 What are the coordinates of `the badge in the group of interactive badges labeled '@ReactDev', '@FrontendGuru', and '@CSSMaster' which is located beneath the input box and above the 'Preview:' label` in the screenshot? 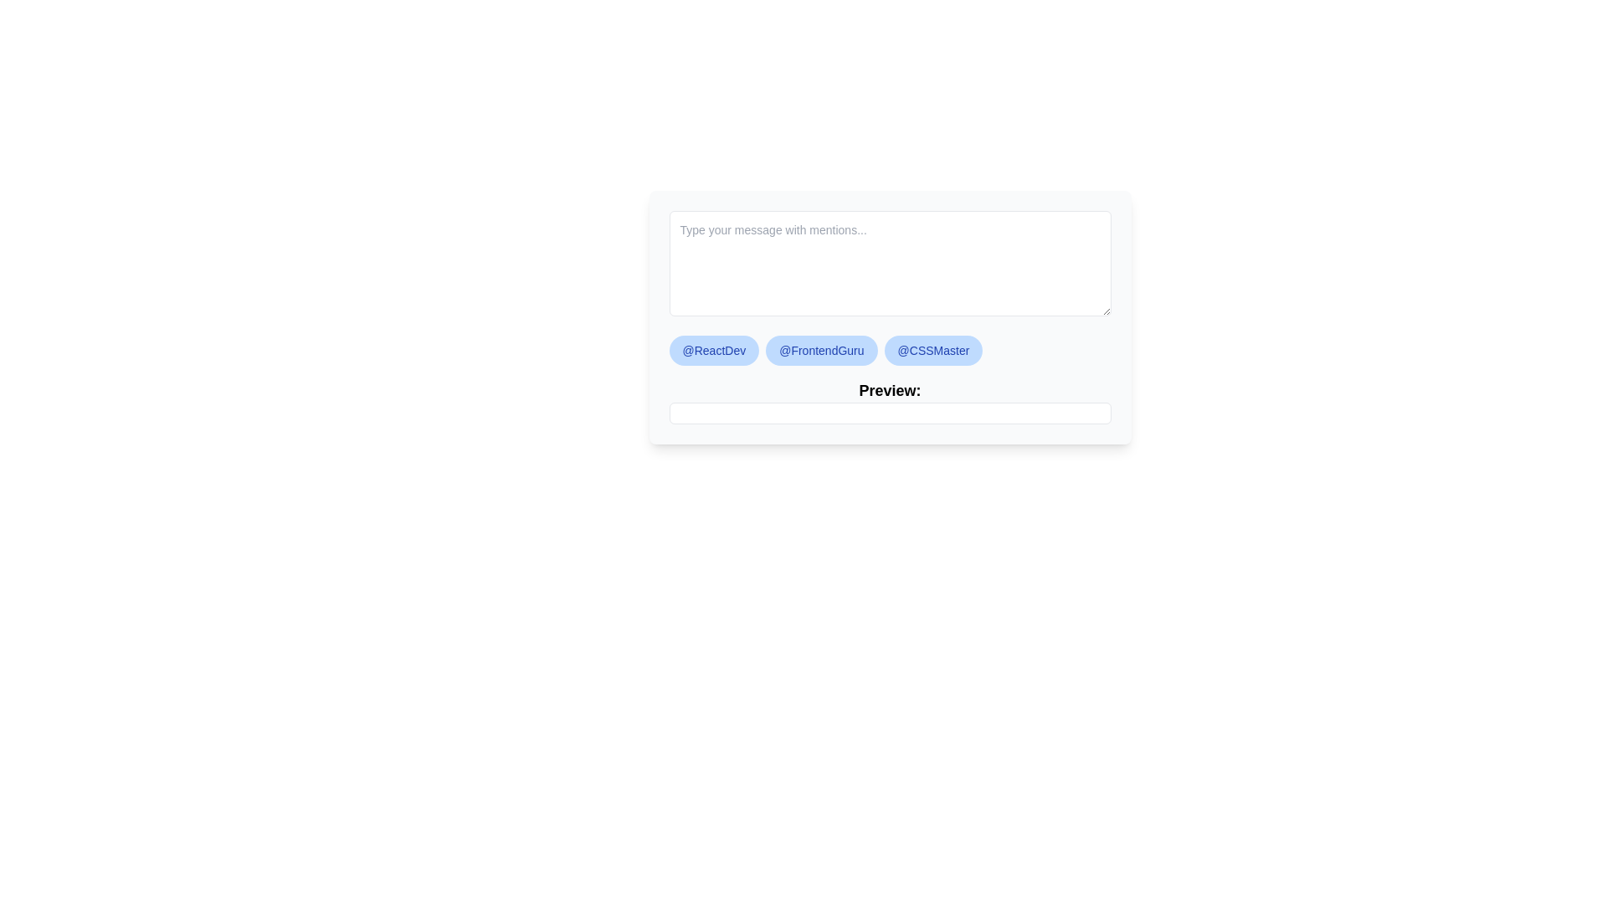 It's located at (889, 350).